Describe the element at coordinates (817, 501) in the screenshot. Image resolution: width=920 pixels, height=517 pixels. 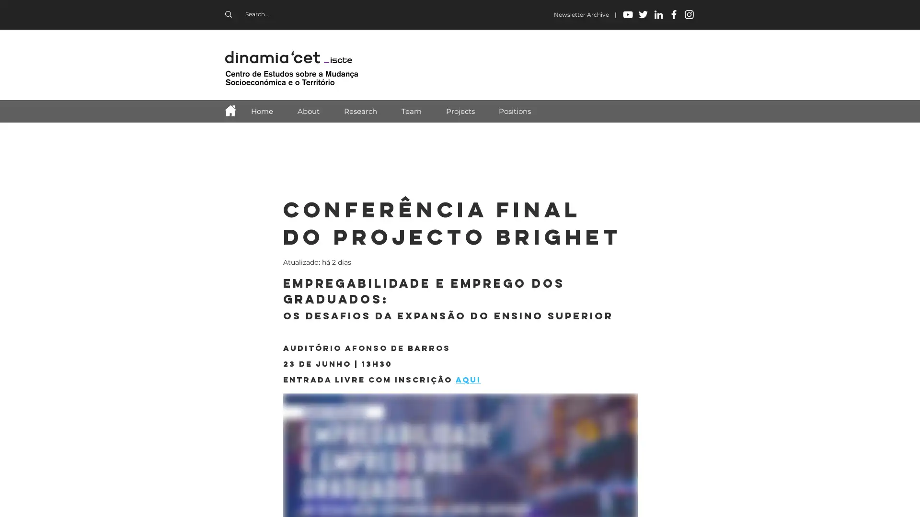
I see `Configuracoes` at that location.